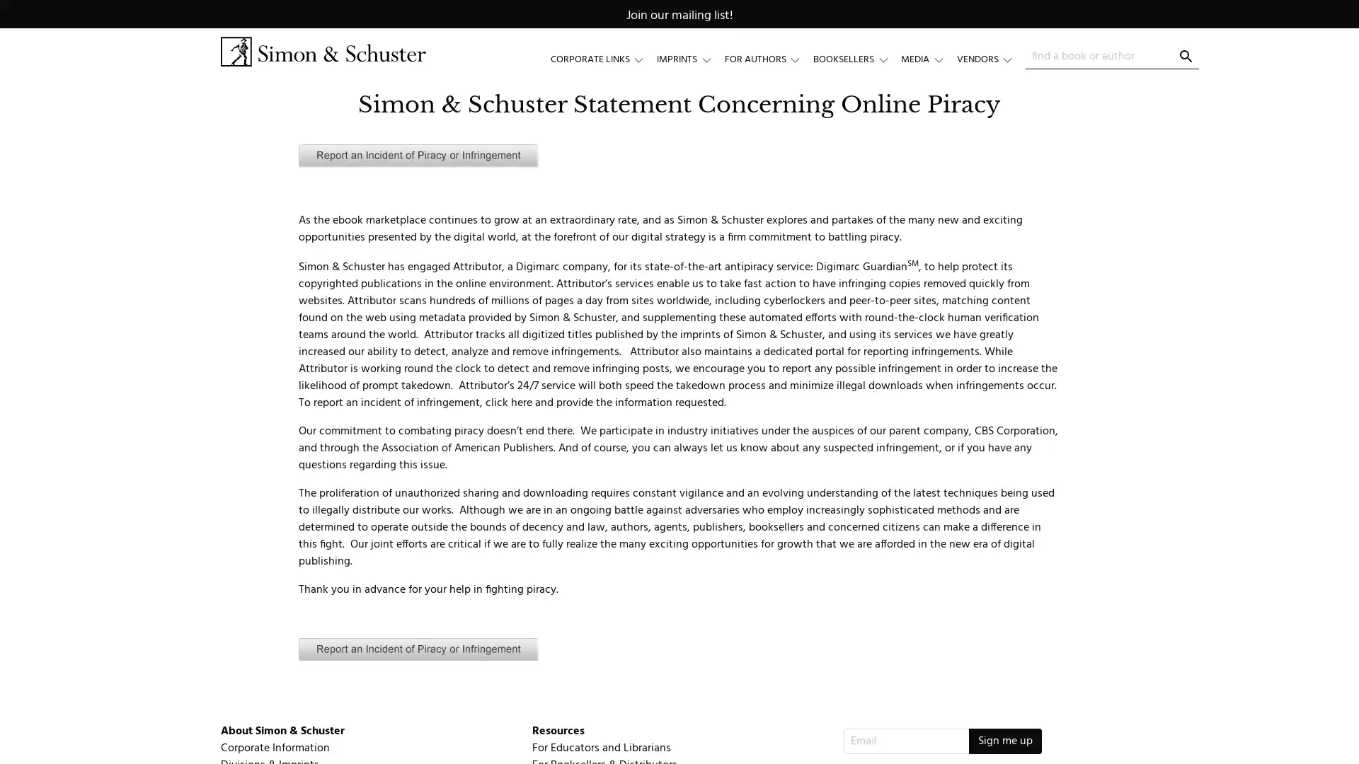 The height and width of the screenshot is (764, 1359). What do you see at coordinates (690, 59) in the screenshot?
I see `IMPRINTS` at bounding box center [690, 59].